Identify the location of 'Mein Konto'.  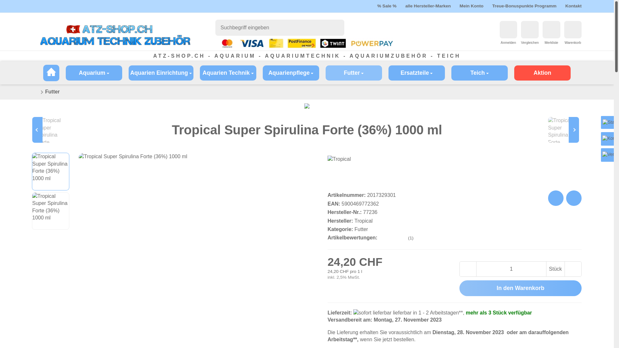
(472, 6).